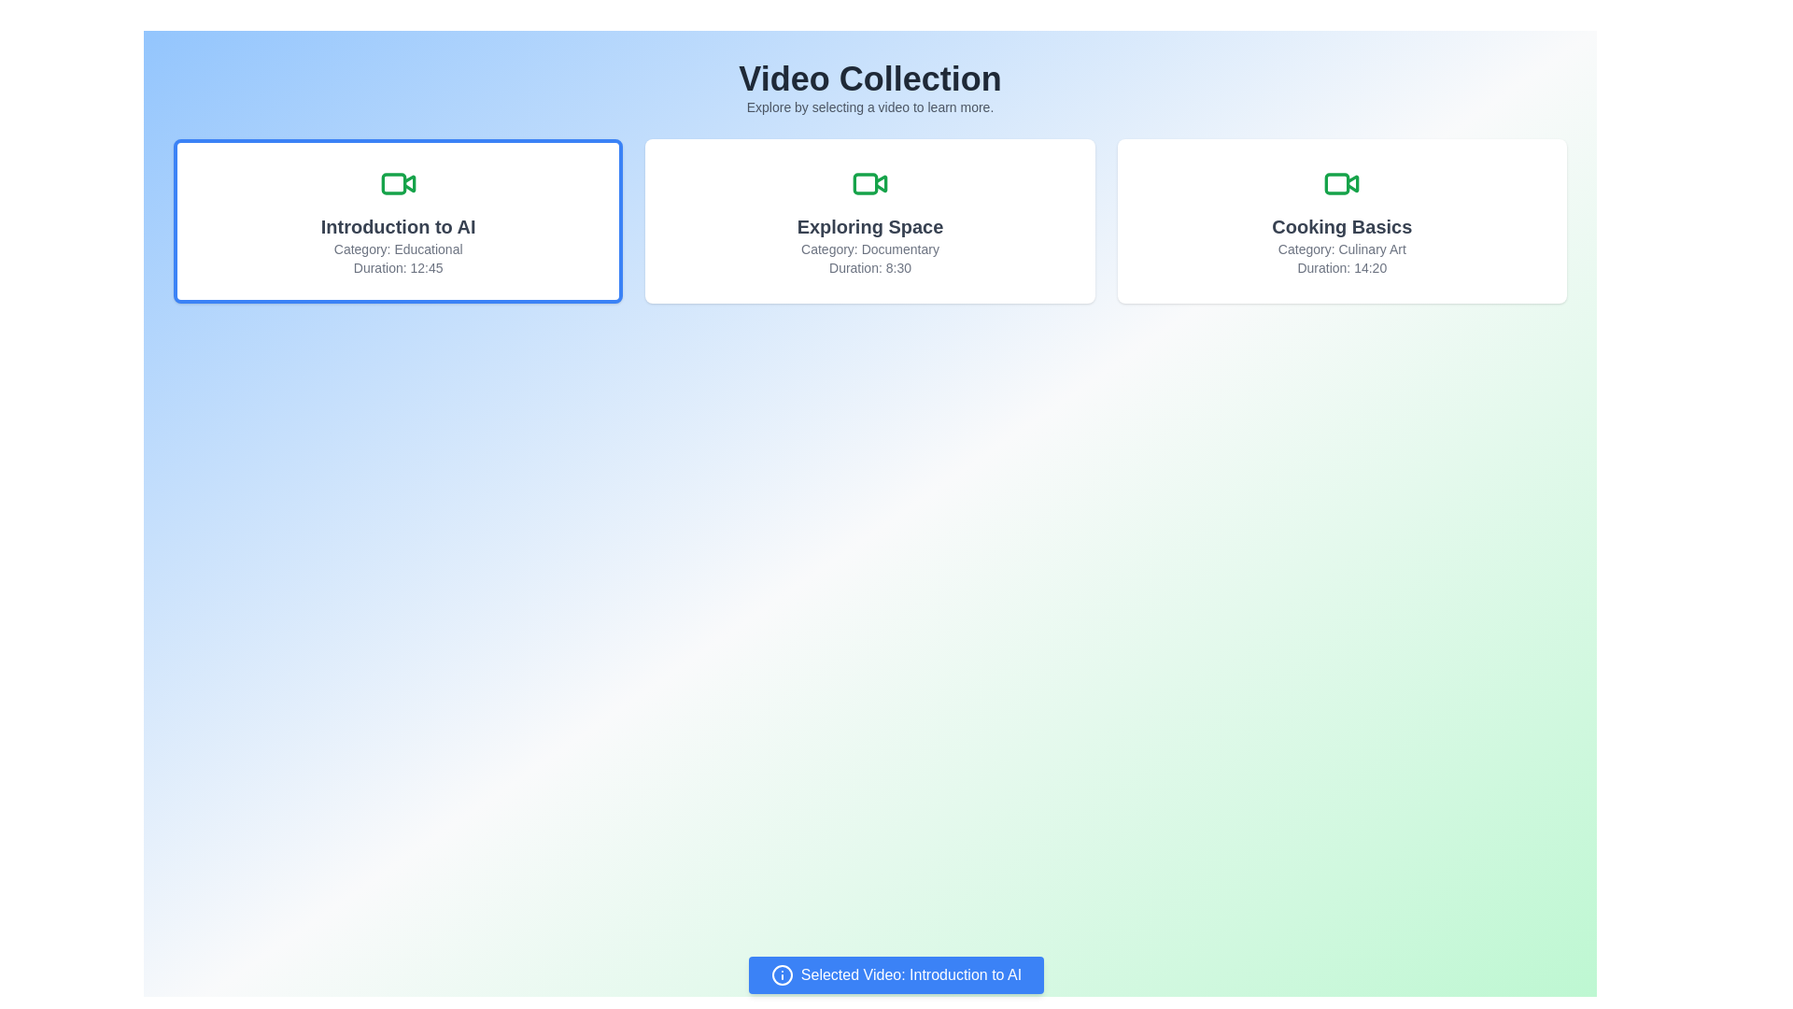  I want to click on the Informational button located at the bottom center of the viewport, which is a blue rectangular button with an 'i' icon and the text 'Selected Video: Introduction to AI', so click(896, 974).